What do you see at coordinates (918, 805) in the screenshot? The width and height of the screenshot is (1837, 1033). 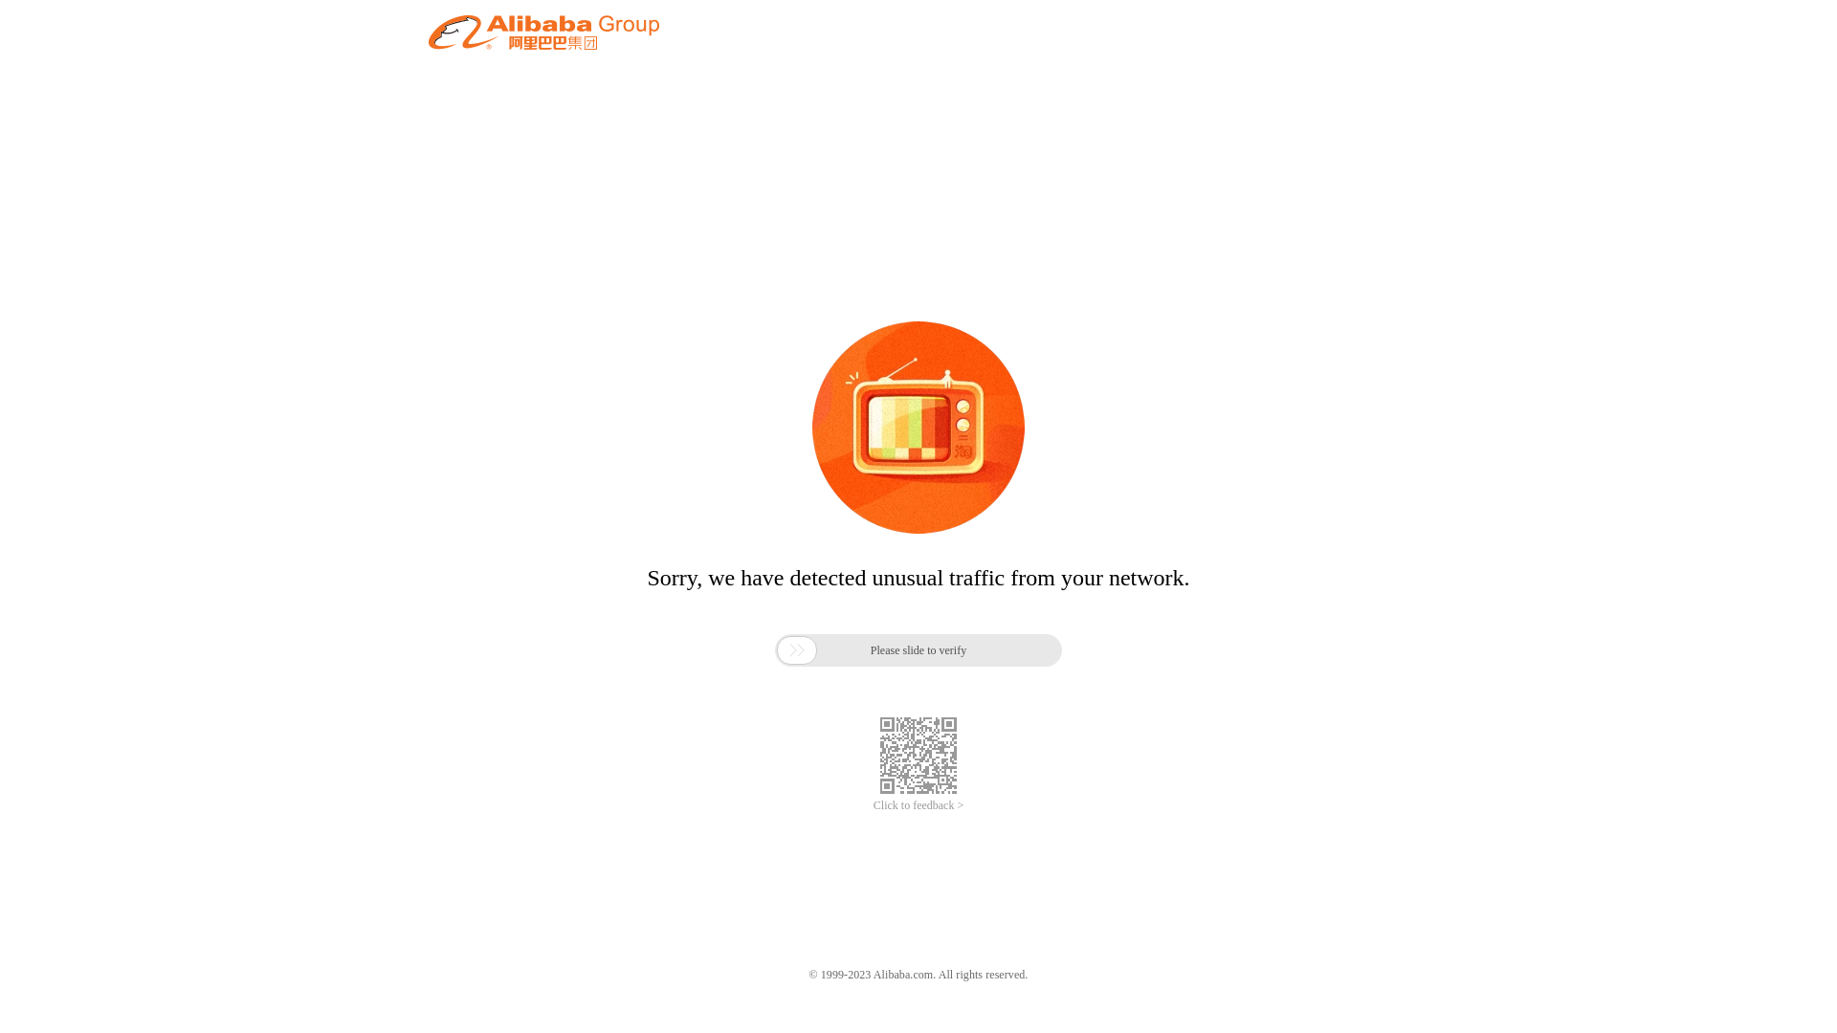 I see `'Click to feedback >'` at bounding box center [918, 805].